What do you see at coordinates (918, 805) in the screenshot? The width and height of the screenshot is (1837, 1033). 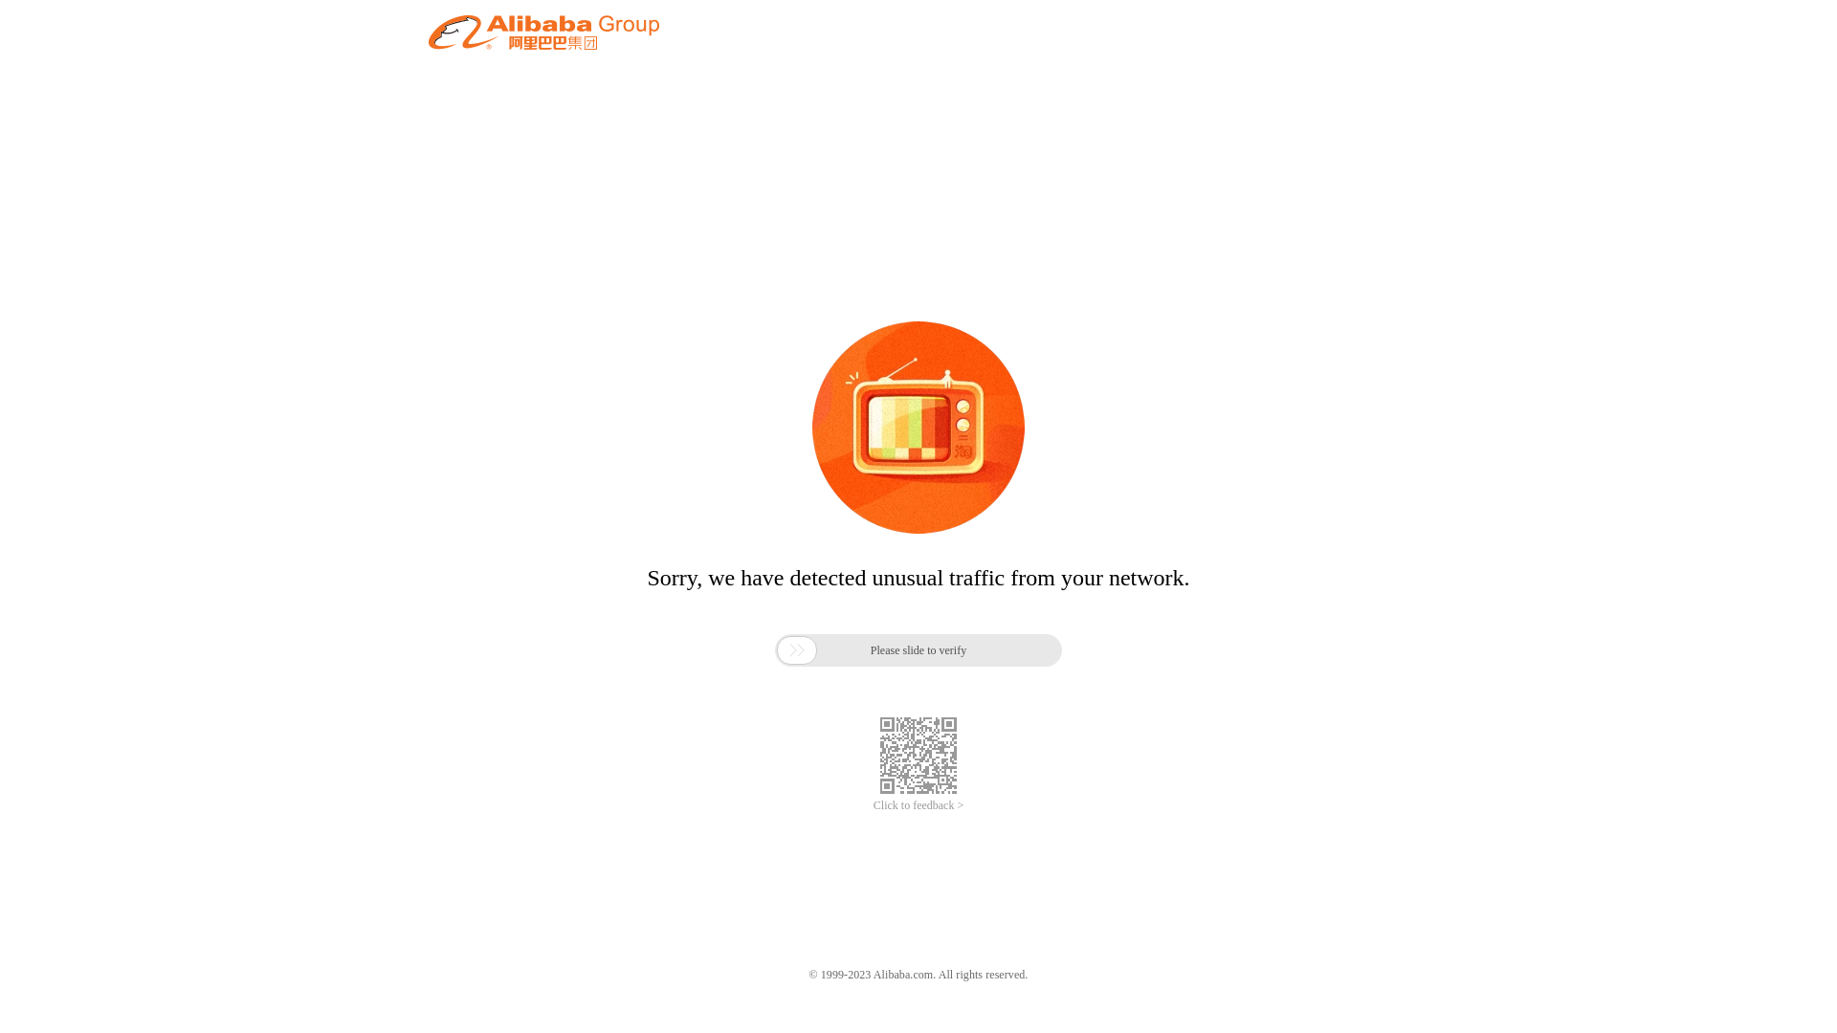 I see `'Click to feedback >'` at bounding box center [918, 805].